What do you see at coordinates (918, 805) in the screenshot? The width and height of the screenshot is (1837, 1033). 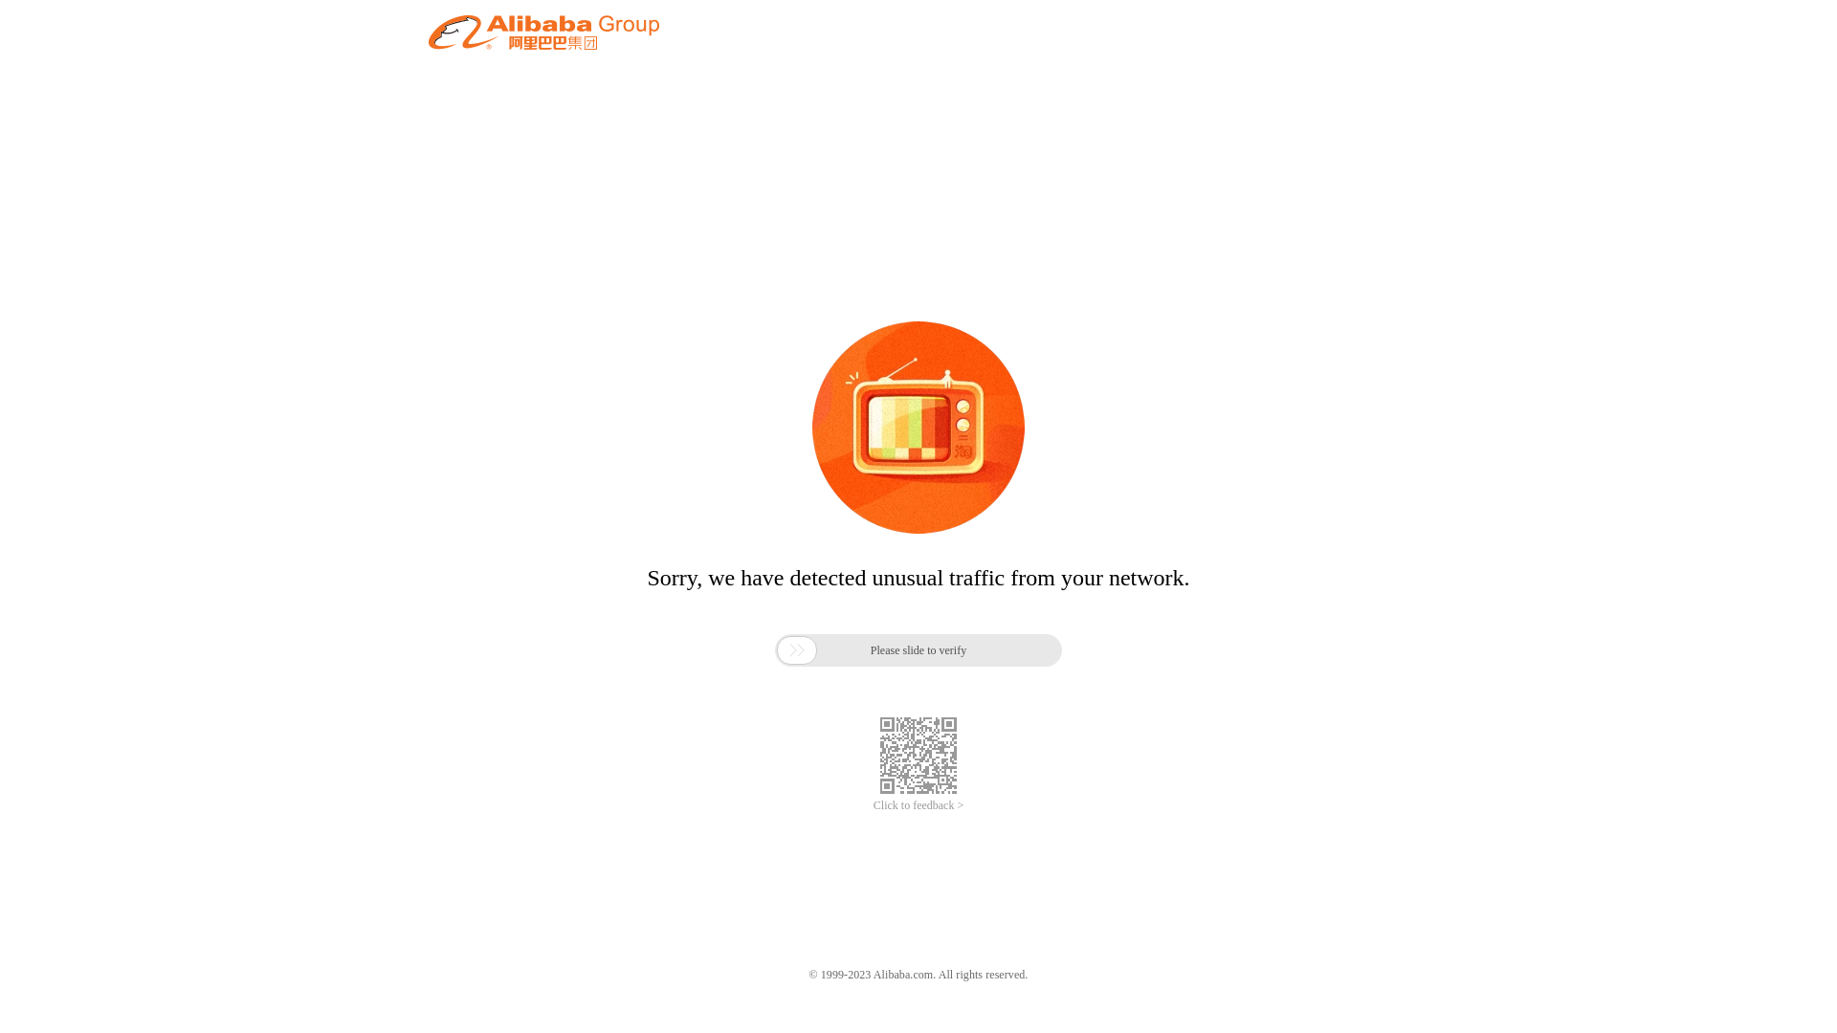 I see `'Click to feedback >'` at bounding box center [918, 805].